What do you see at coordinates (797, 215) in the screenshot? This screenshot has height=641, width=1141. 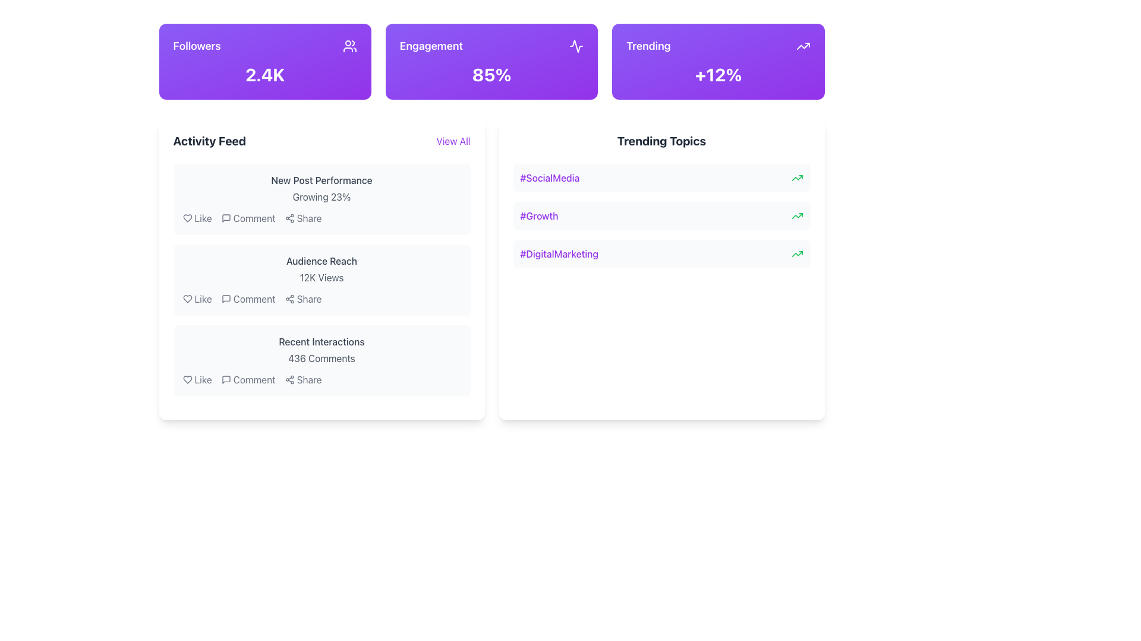 I see `the upward trend icon located in the 'Trending Topics' section, specifically to the right of the '#Growth' label` at bounding box center [797, 215].